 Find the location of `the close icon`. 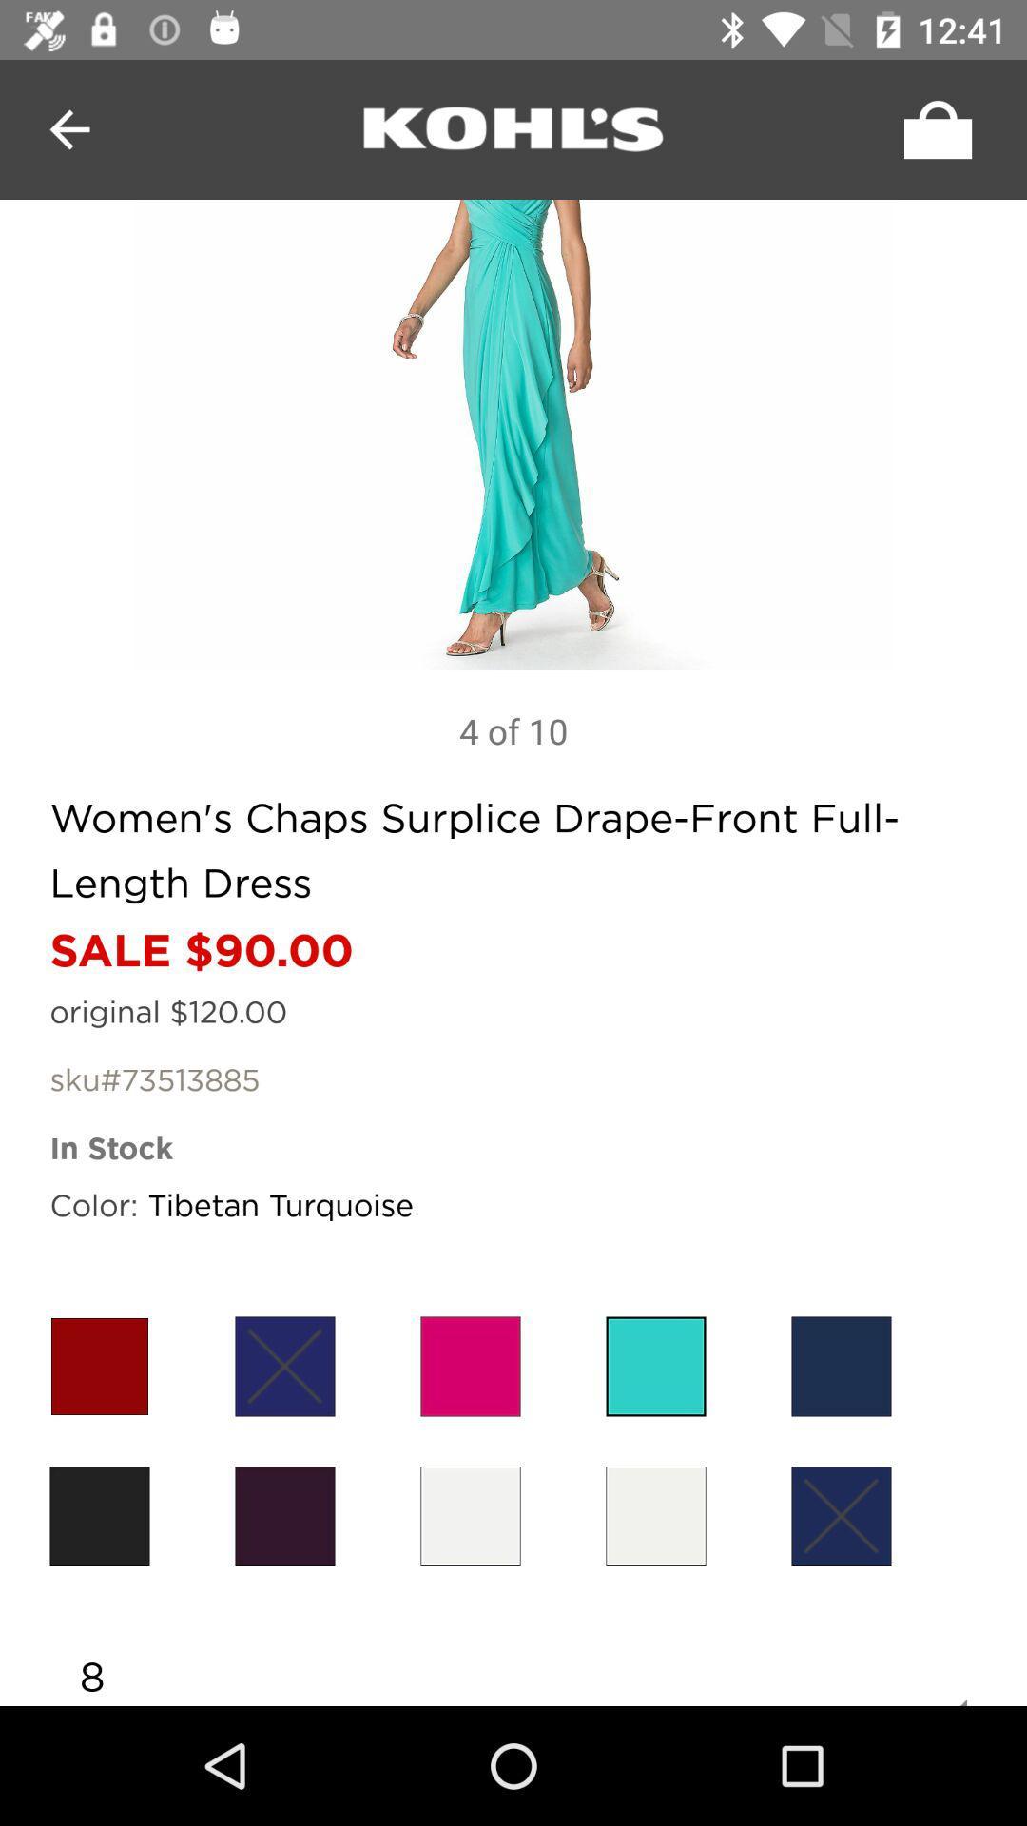

the close icon is located at coordinates (285, 1365).